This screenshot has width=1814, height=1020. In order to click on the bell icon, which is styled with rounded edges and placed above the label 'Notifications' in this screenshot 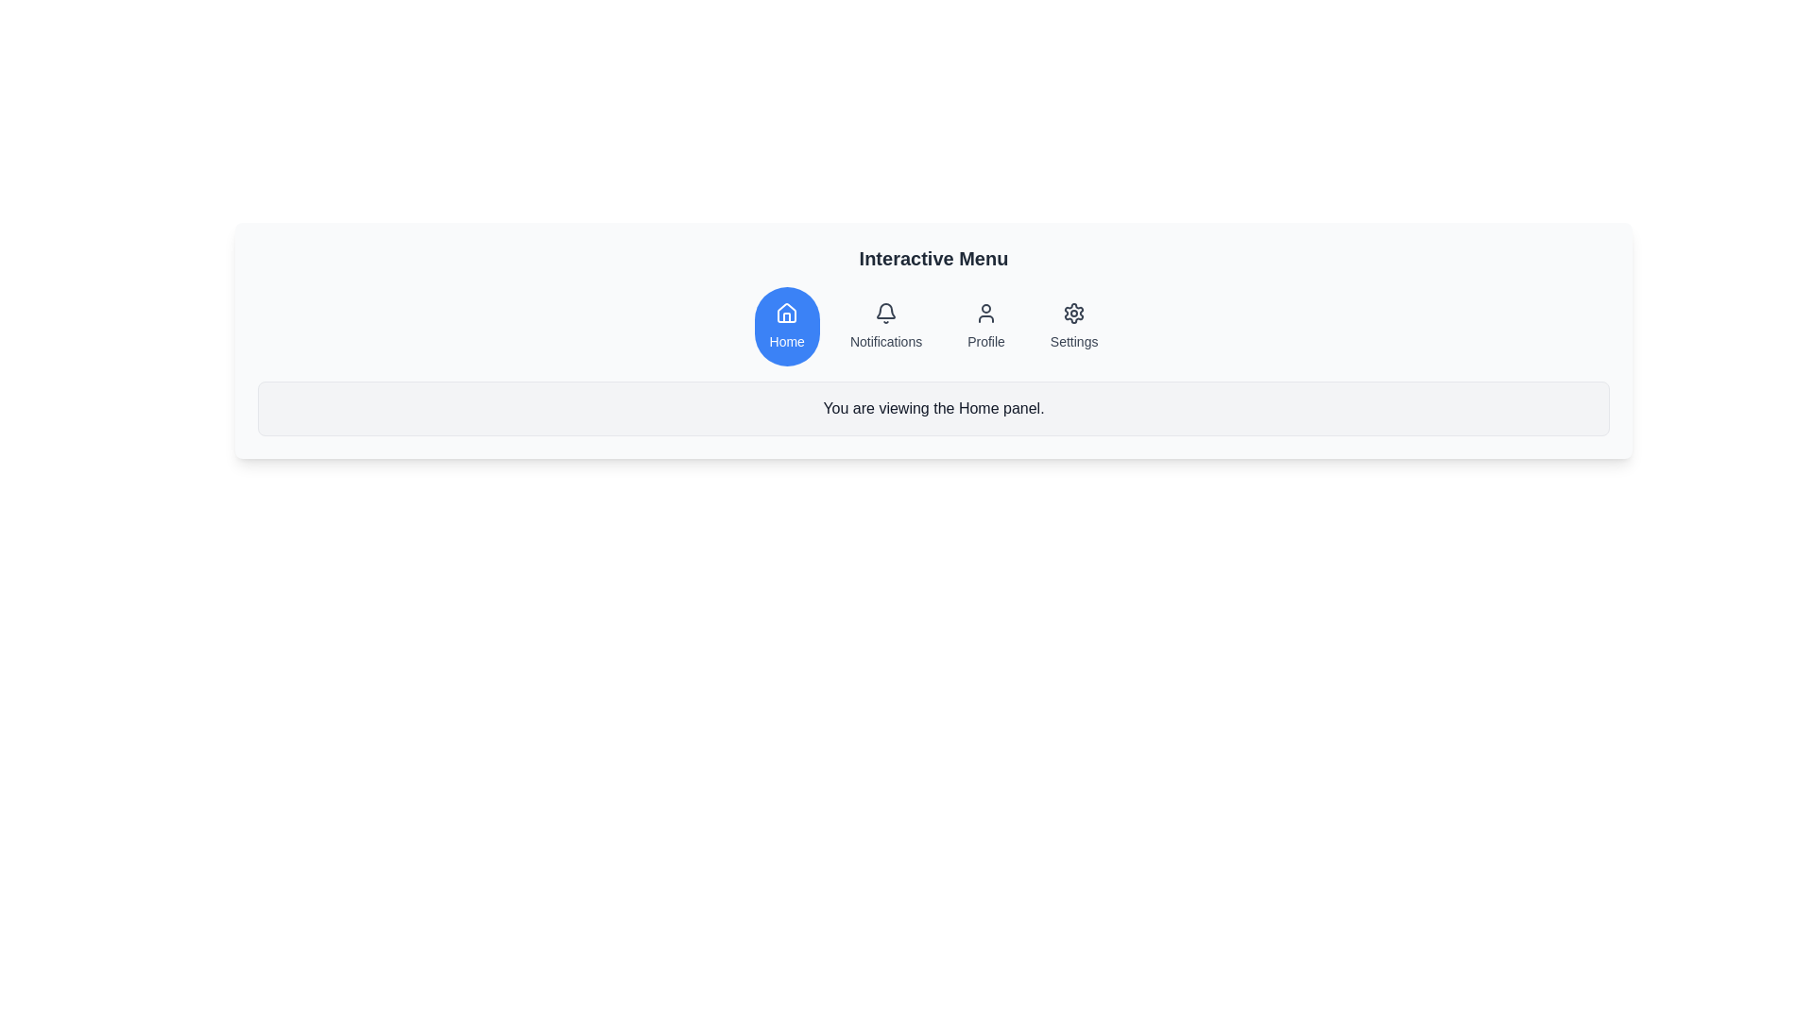, I will do `click(884, 312)`.